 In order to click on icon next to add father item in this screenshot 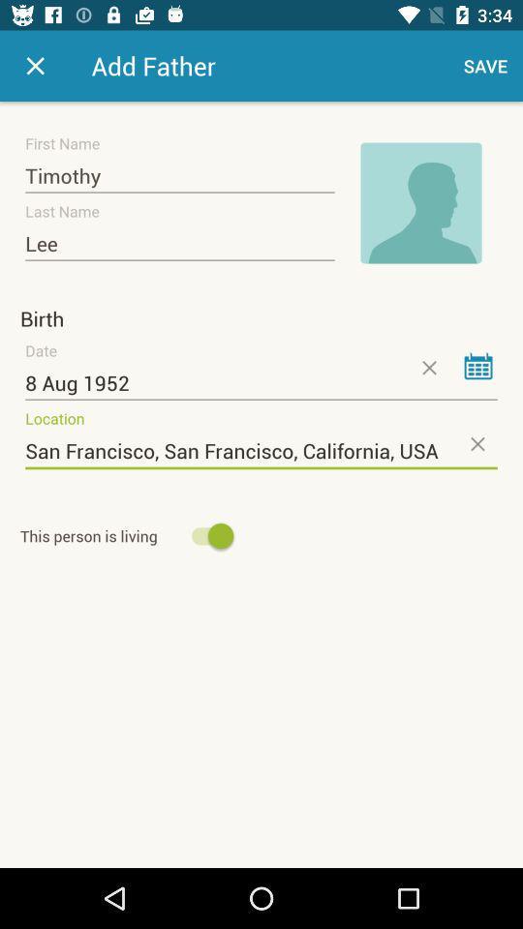, I will do `click(35, 66)`.